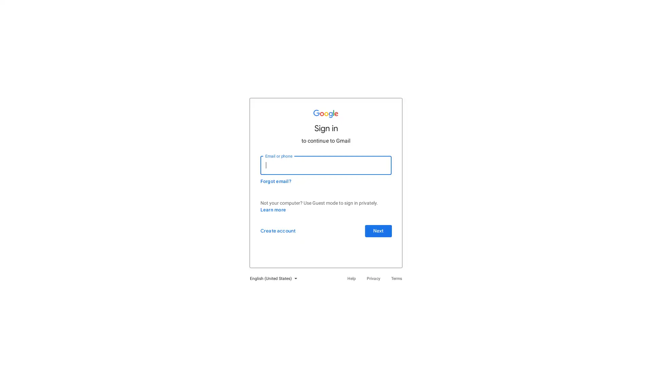 Image resolution: width=652 pixels, height=366 pixels. What do you see at coordinates (279, 185) in the screenshot?
I see `Forgot email?` at bounding box center [279, 185].